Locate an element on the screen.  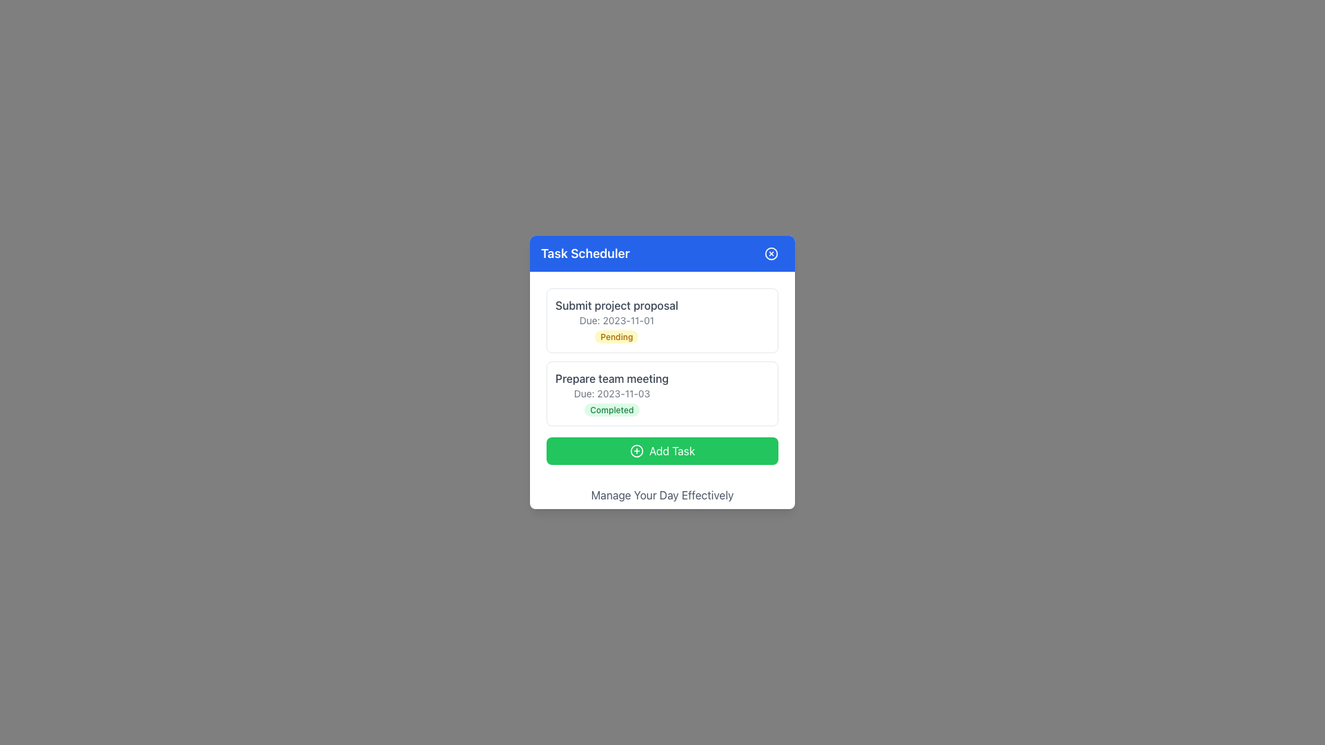
the close button located at the top-right corner of the 'Task Scheduler' interface is located at coordinates (771, 253).